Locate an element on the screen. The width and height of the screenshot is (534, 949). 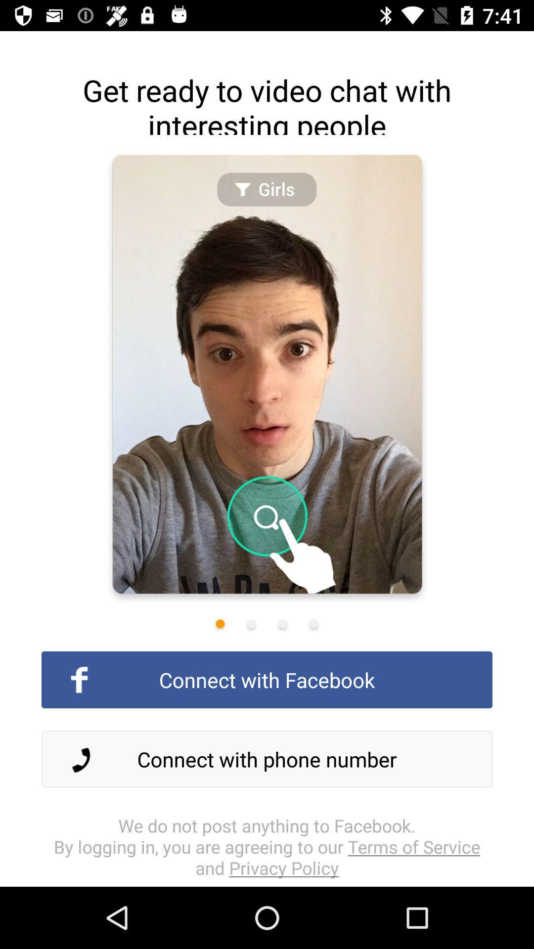
last image is located at coordinates (313, 623).